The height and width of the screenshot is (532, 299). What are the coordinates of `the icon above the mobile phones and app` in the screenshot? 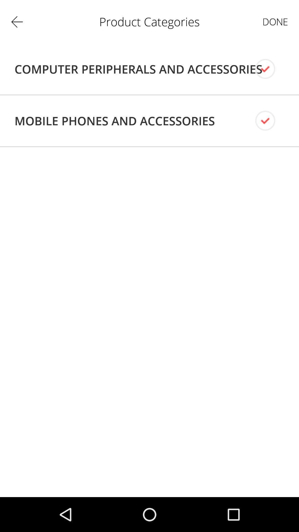 It's located at (138, 69).